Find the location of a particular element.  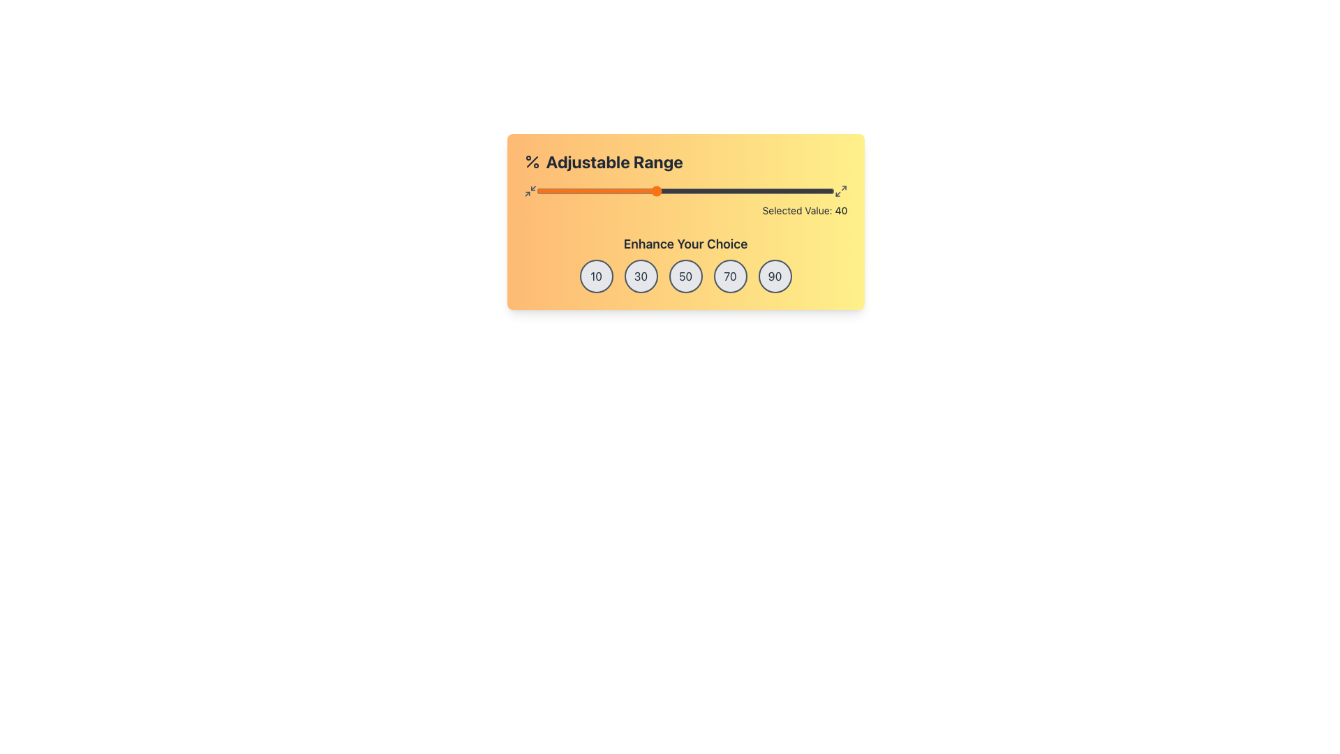

the percentage is located at coordinates (539, 191).